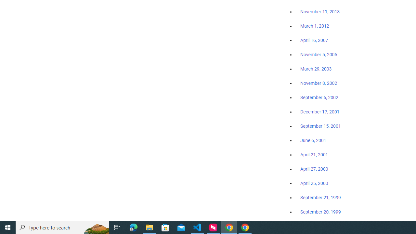  What do you see at coordinates (319, 83) in the screenshot?
I see `'November 8, 2002'` at bounding box center [319, 83].